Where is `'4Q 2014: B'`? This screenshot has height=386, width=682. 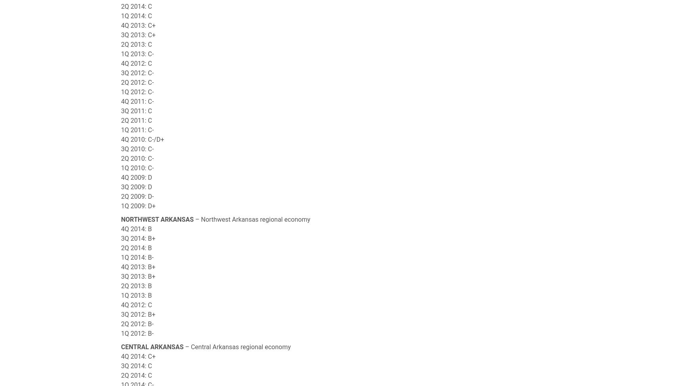 '4Q 2014: B' is located at coordinates (136, 228).